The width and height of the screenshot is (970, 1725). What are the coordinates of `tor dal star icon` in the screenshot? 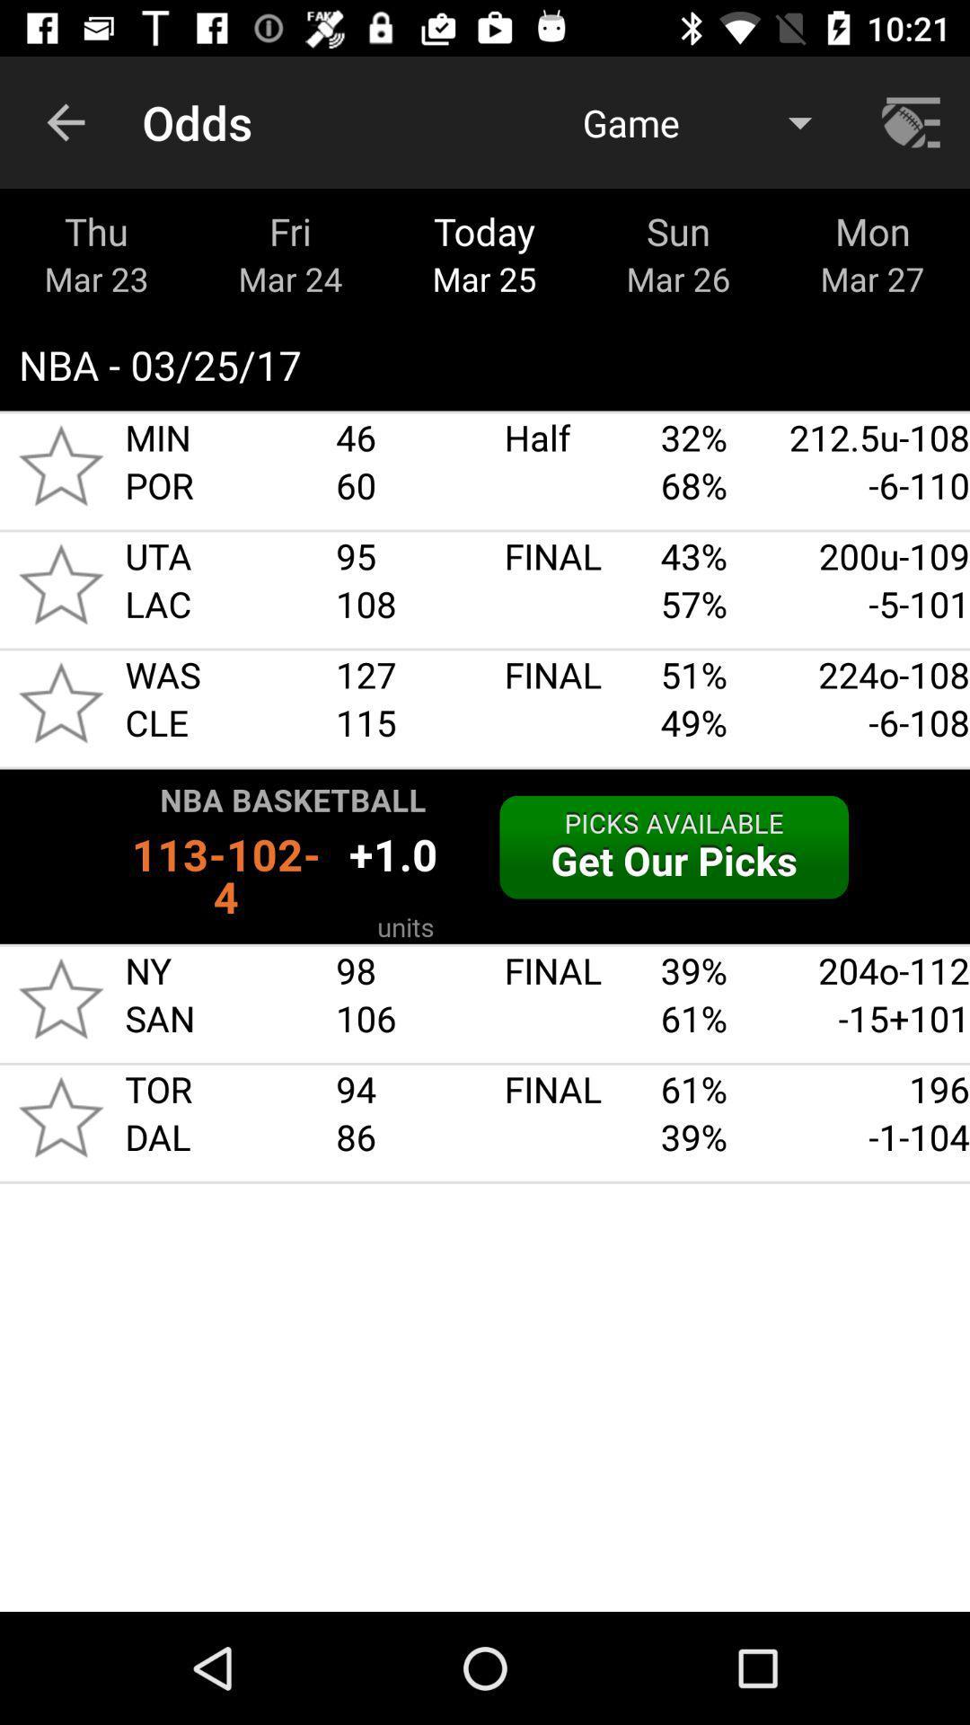 It's located at (60, 1116).